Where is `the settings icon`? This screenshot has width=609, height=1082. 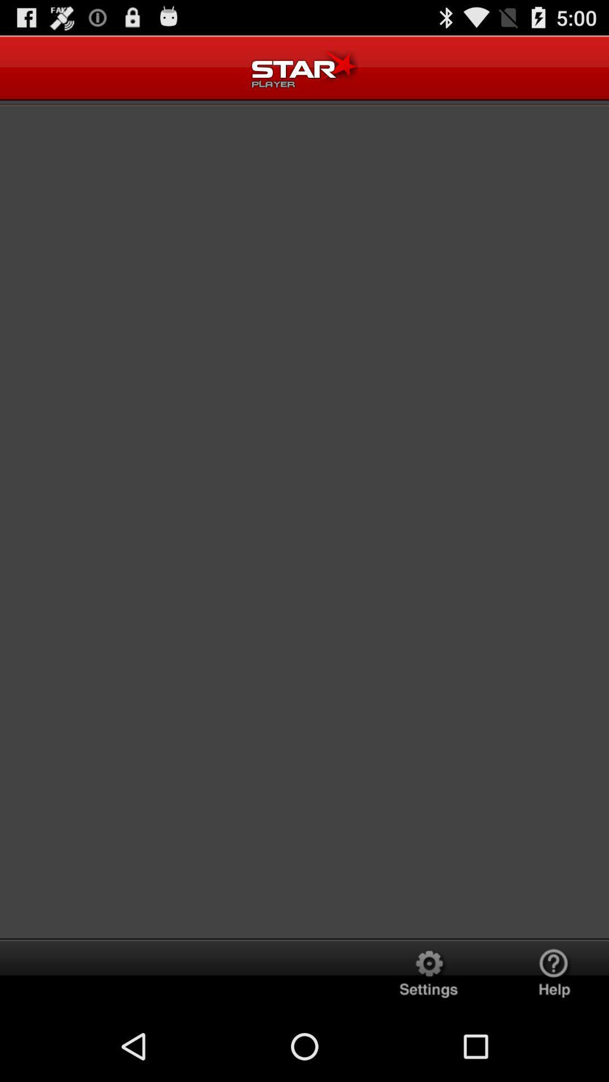
the settings icon is located at coordinates (429, 1042).